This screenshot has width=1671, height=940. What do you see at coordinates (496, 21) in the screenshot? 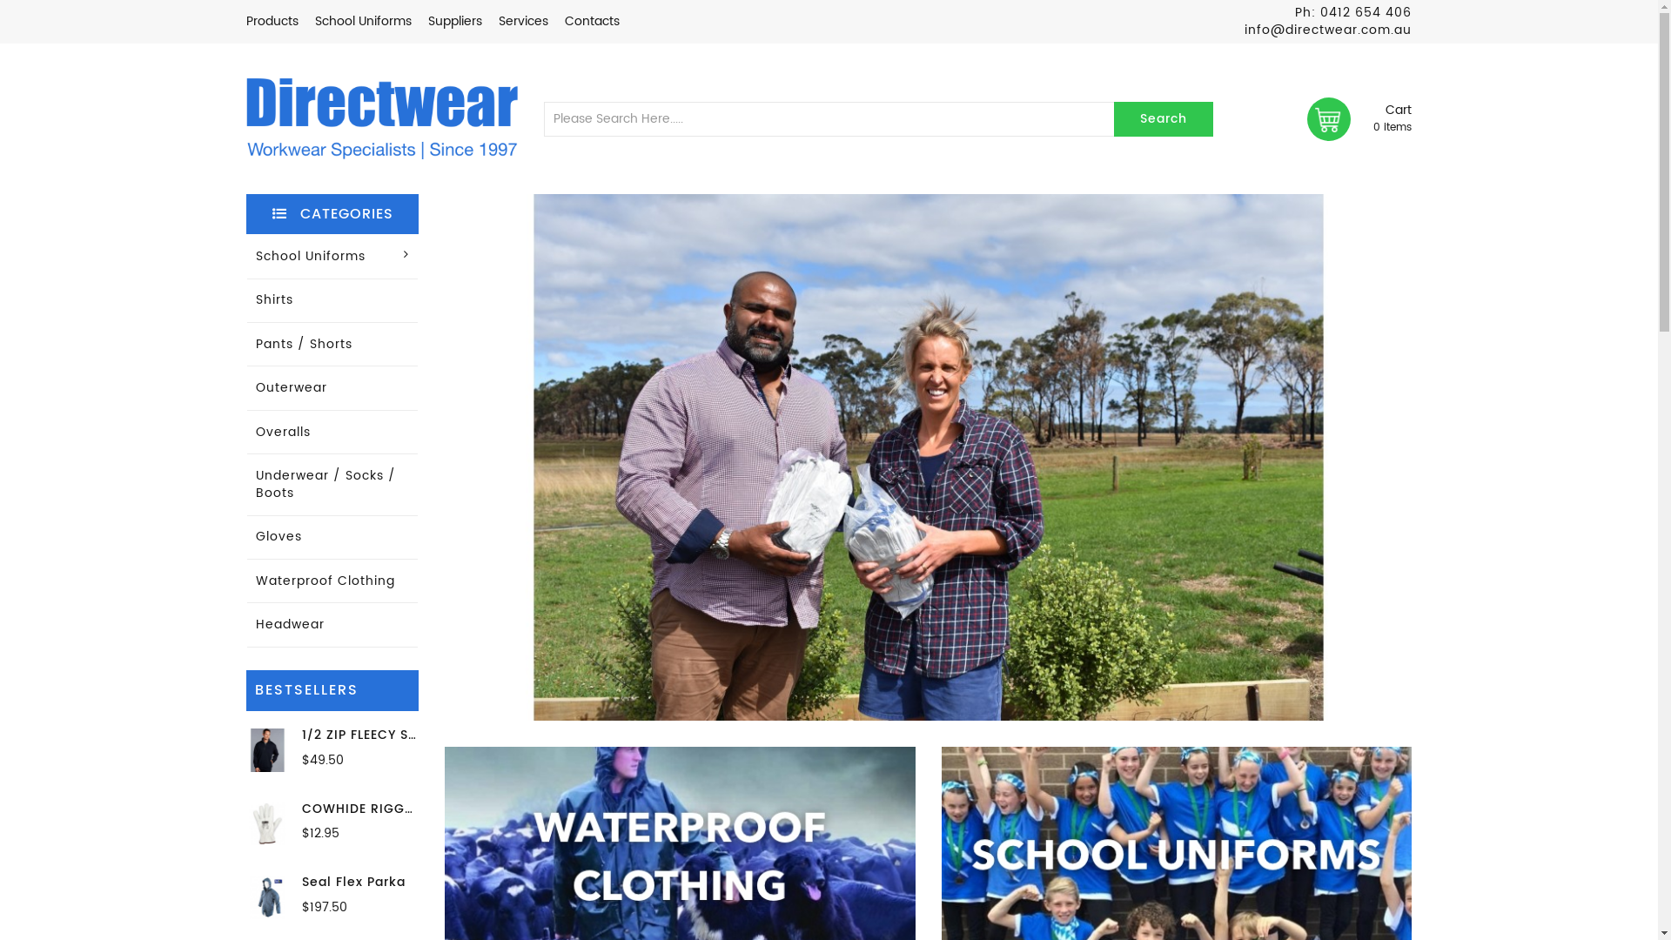
I see `'Services'` at bounding box center [496, 21].